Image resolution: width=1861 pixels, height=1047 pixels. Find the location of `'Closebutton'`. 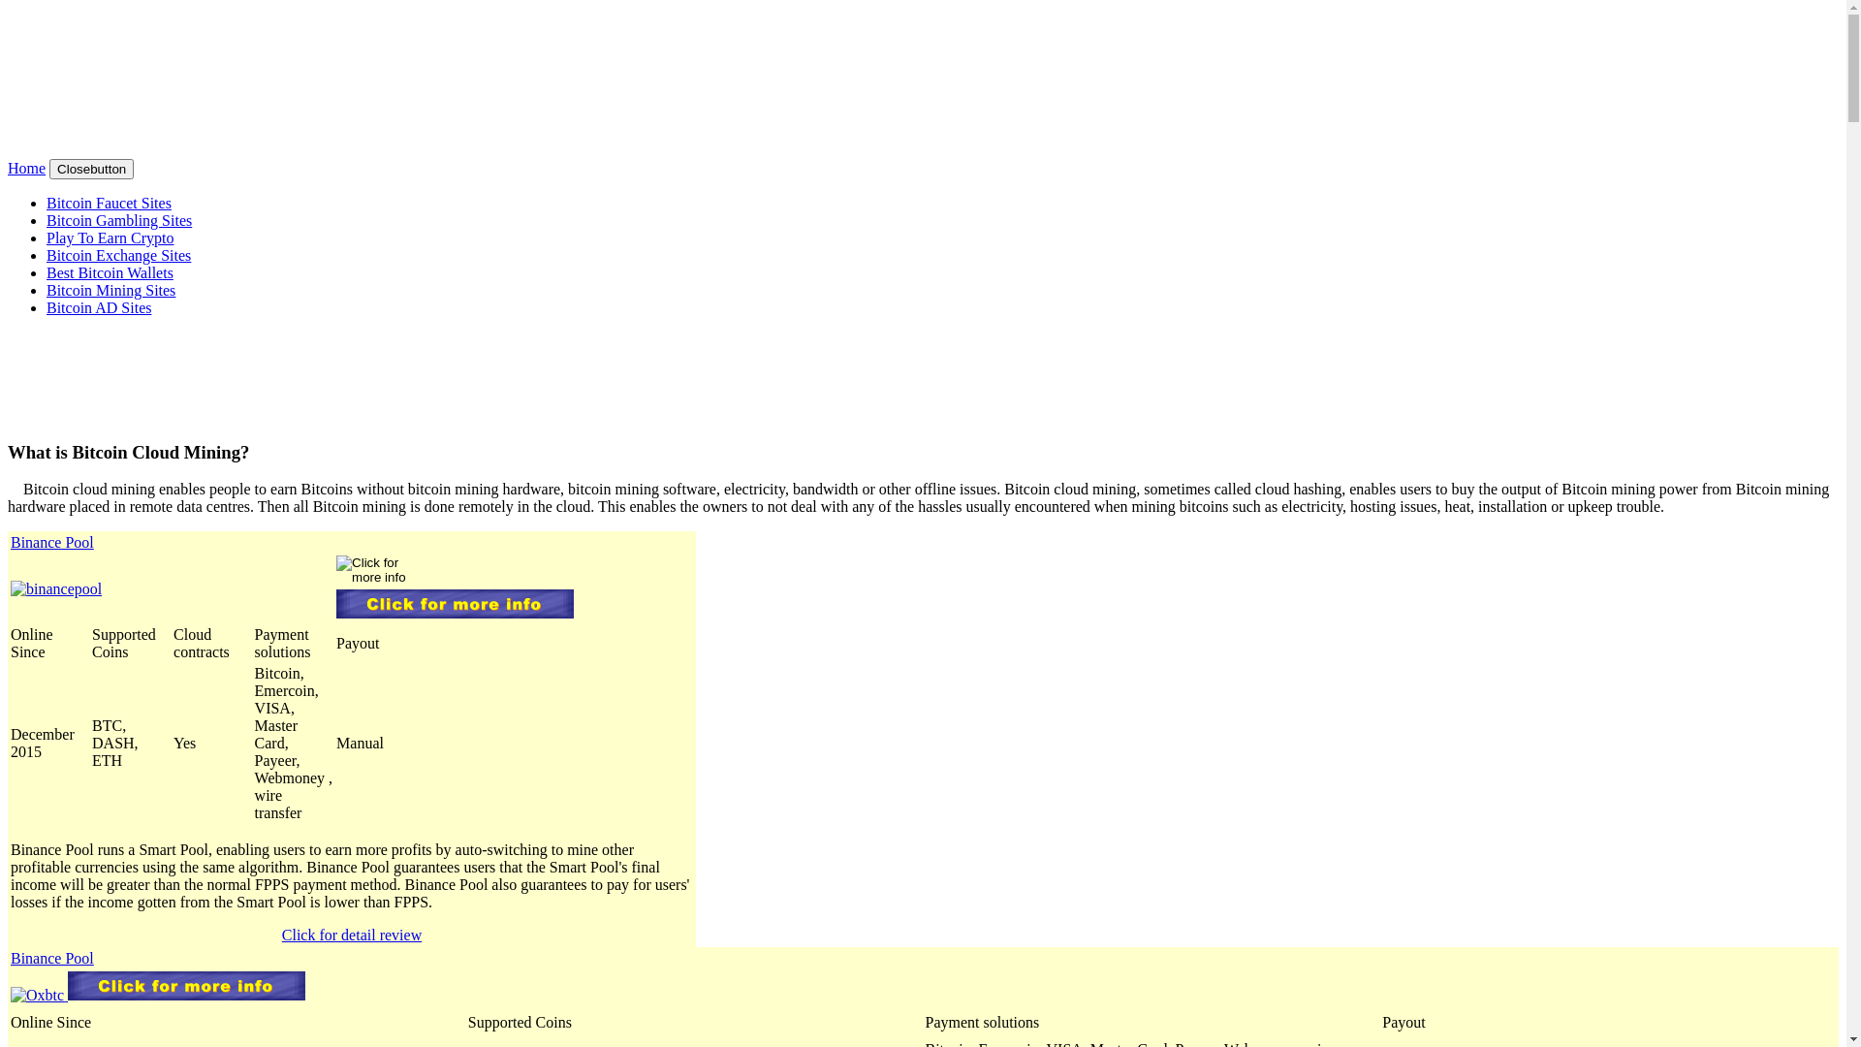

'Closebutton' is located at coordinates (90, 168).